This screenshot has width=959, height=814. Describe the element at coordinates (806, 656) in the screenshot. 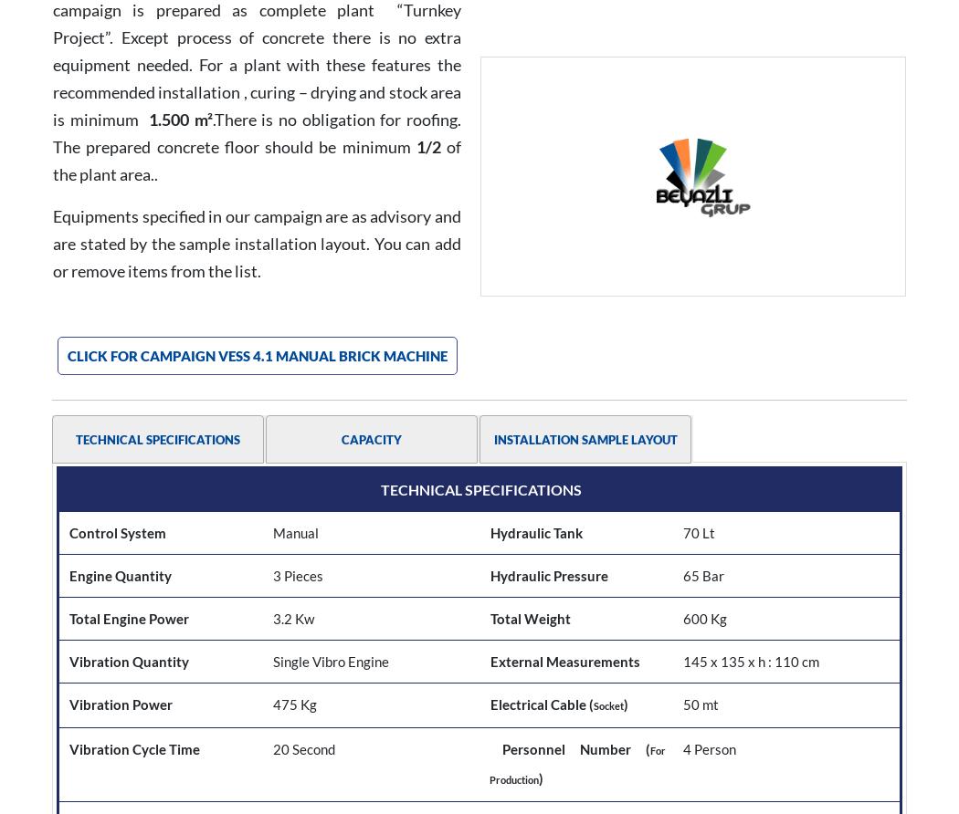

I see `'CONTACT WITH US'` at that location.